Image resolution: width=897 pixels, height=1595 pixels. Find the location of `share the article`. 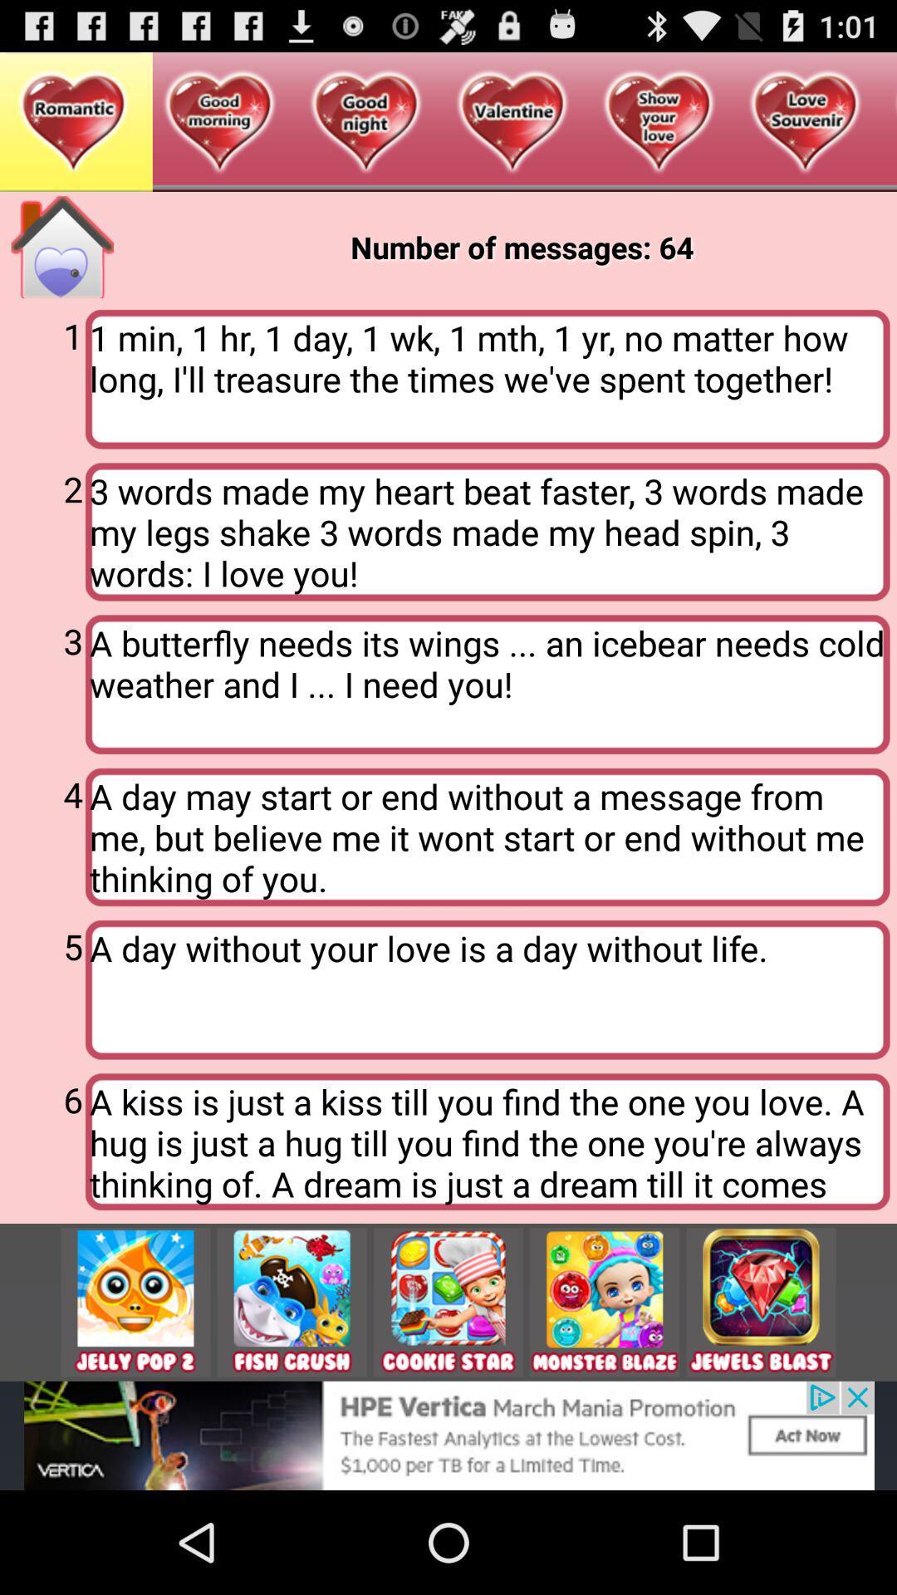

share the article is located at coordinates (135, 1301).